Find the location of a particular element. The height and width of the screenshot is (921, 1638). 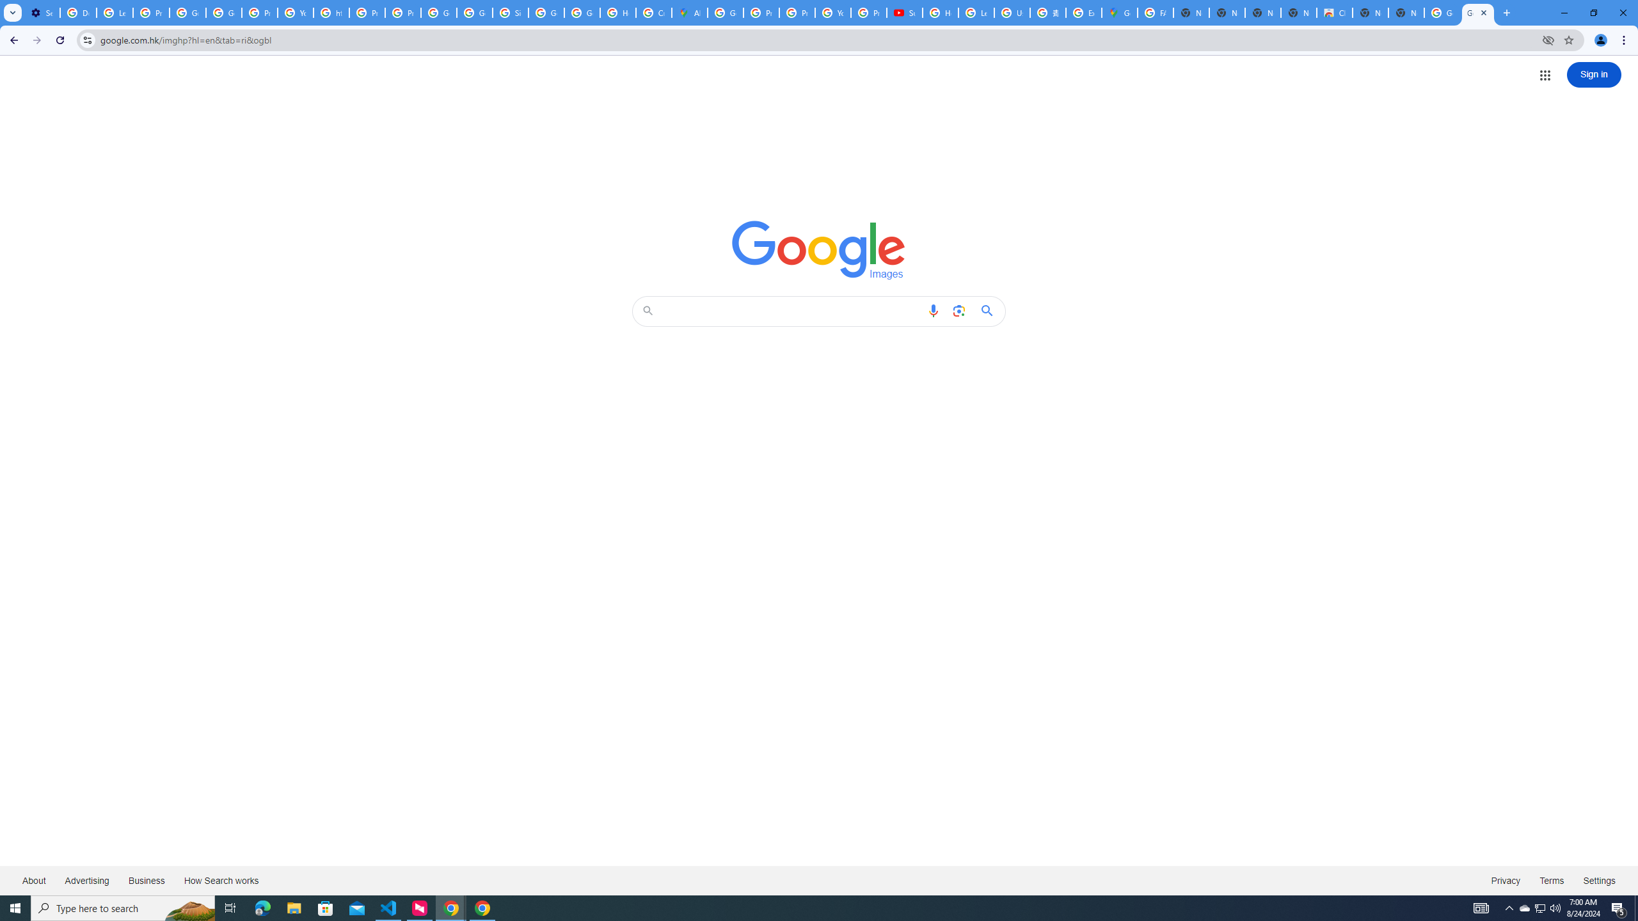

'Privacy Help Center - Policies Help' is located at coordinates (796, 12).